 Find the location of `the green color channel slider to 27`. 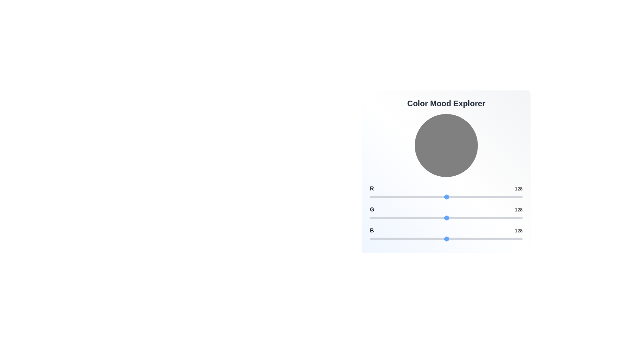

the green color channel slider to 27 is located at coordinates (386, 218).